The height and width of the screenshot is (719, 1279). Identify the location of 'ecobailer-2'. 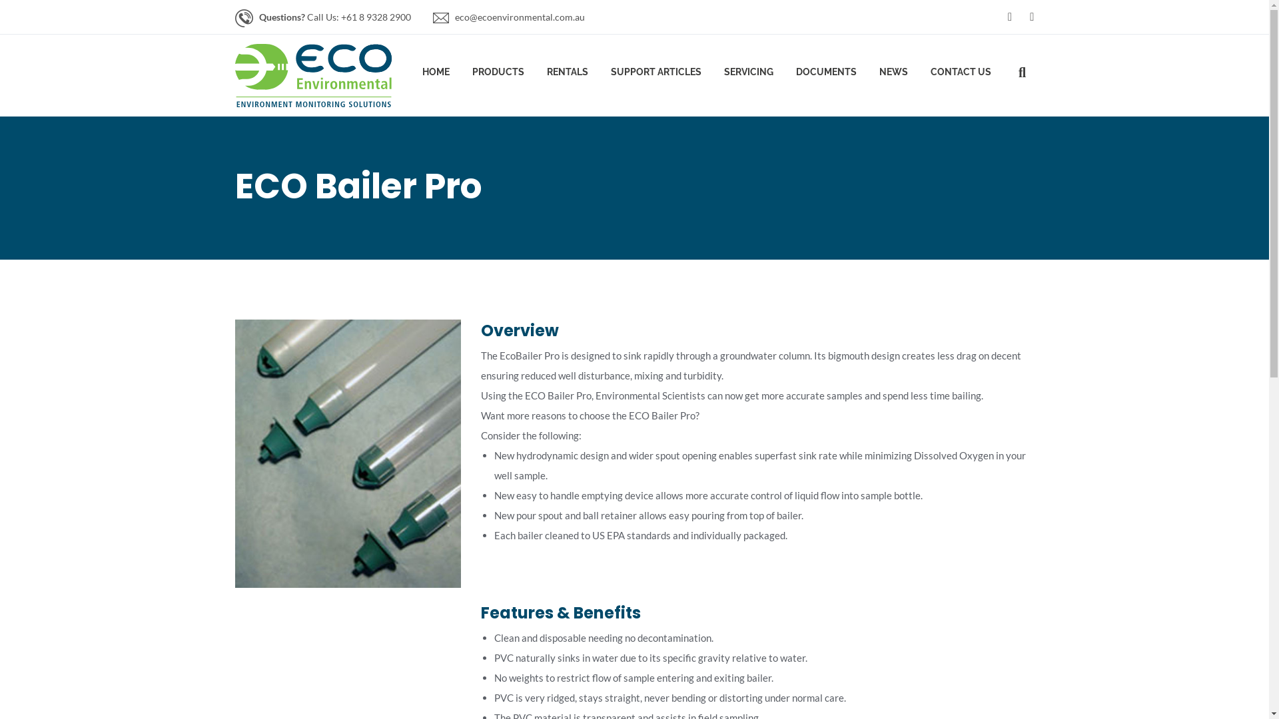
(348, 453).